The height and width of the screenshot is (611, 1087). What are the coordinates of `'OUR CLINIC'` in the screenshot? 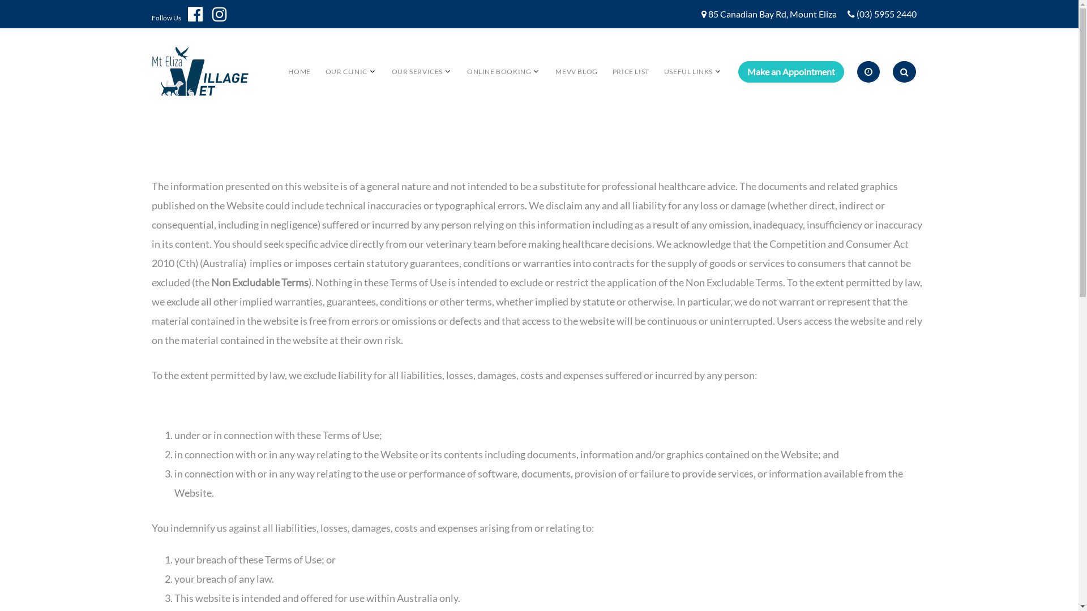 It's located at (345, 71).